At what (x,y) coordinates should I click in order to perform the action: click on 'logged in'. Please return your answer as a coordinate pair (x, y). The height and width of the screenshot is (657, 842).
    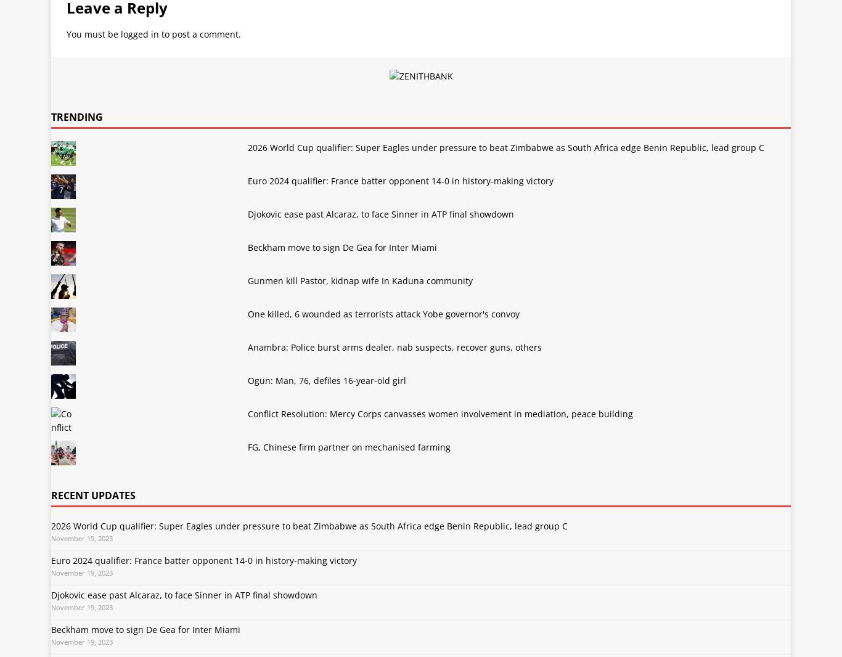
    Looking at the image, I should click on (139, 33).